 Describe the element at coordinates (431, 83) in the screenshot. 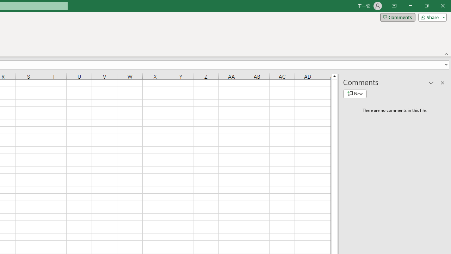

I see `'Task Pane Options'` at that location.